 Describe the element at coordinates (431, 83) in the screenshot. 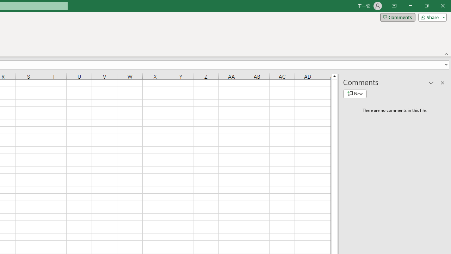

I see `'Task Pane Options'` at that location.